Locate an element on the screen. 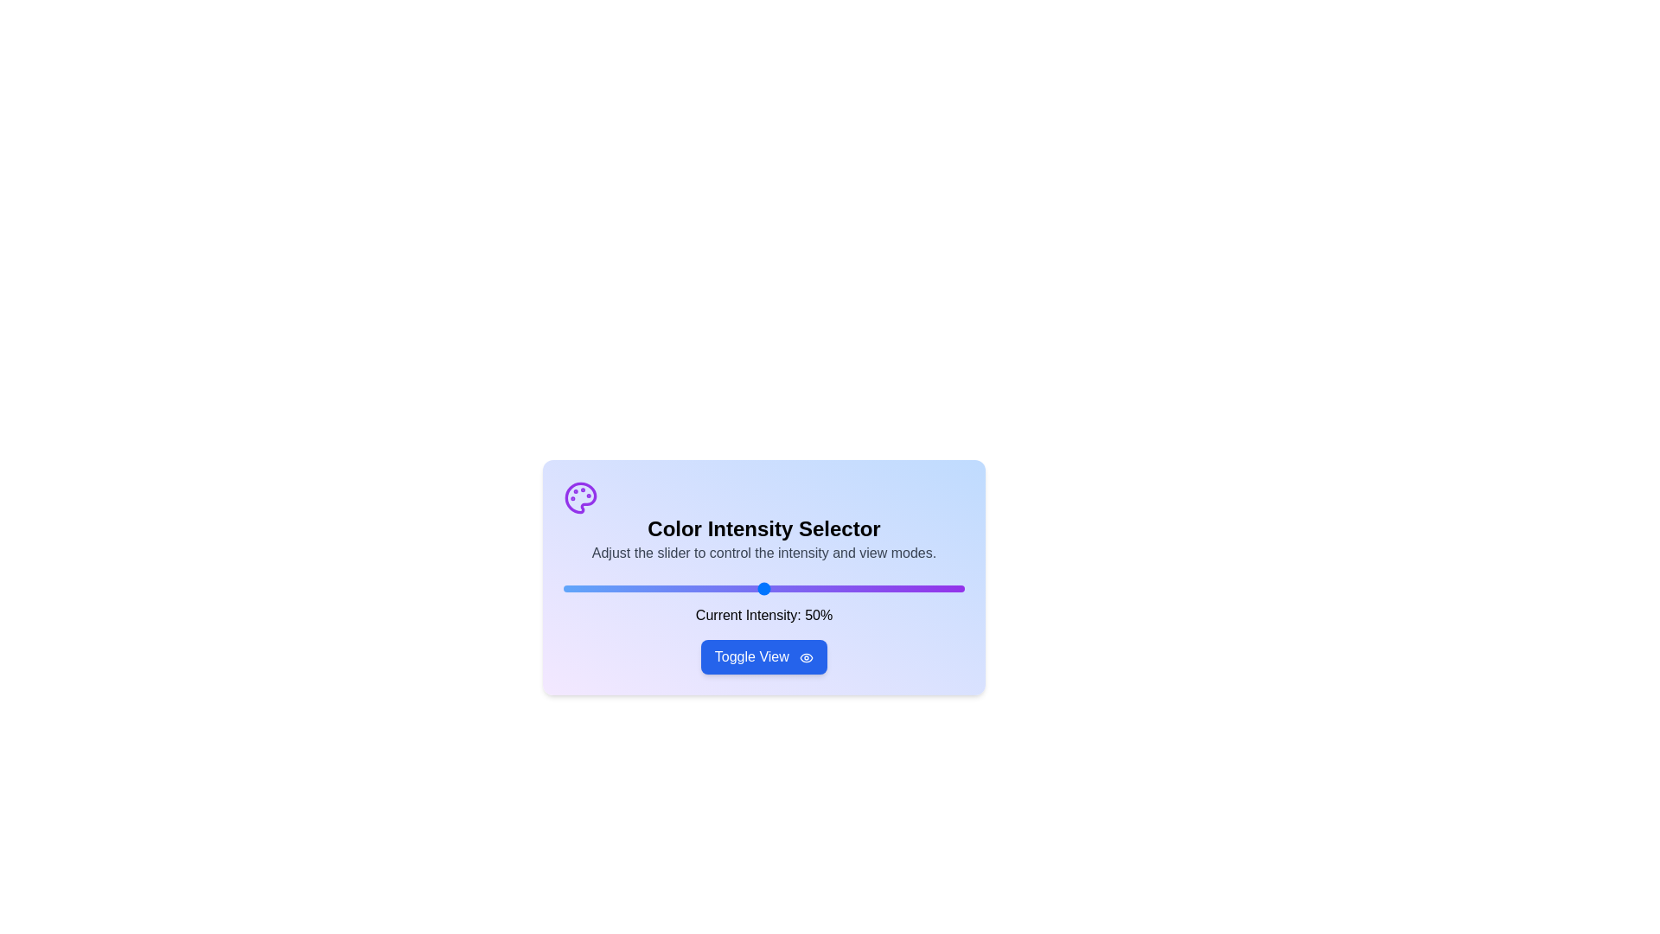 This screenshot has width=1660, height=934. the slider to set the intensity to 81% is located at coordinates (888, 588).